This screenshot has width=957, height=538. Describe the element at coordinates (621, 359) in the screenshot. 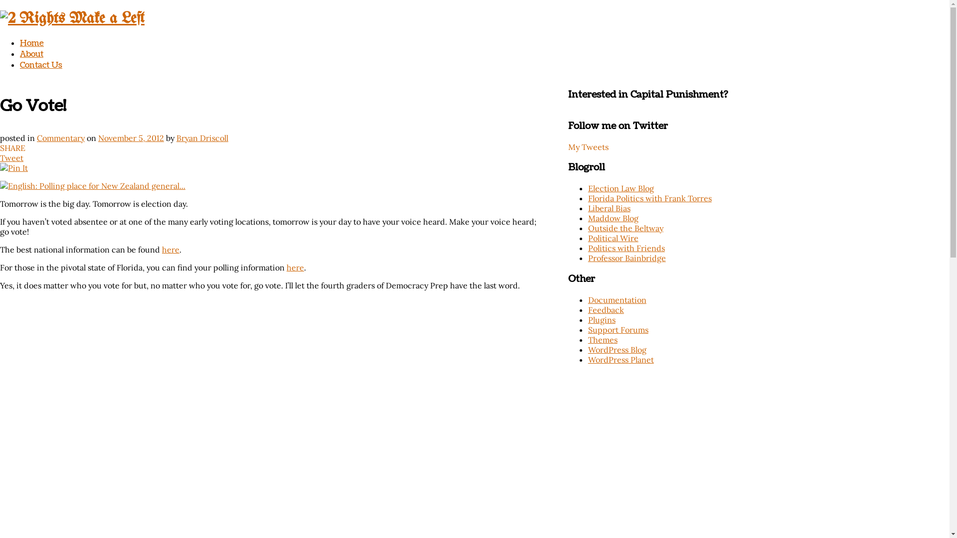

I see `'WordPress Planet'` at that location.